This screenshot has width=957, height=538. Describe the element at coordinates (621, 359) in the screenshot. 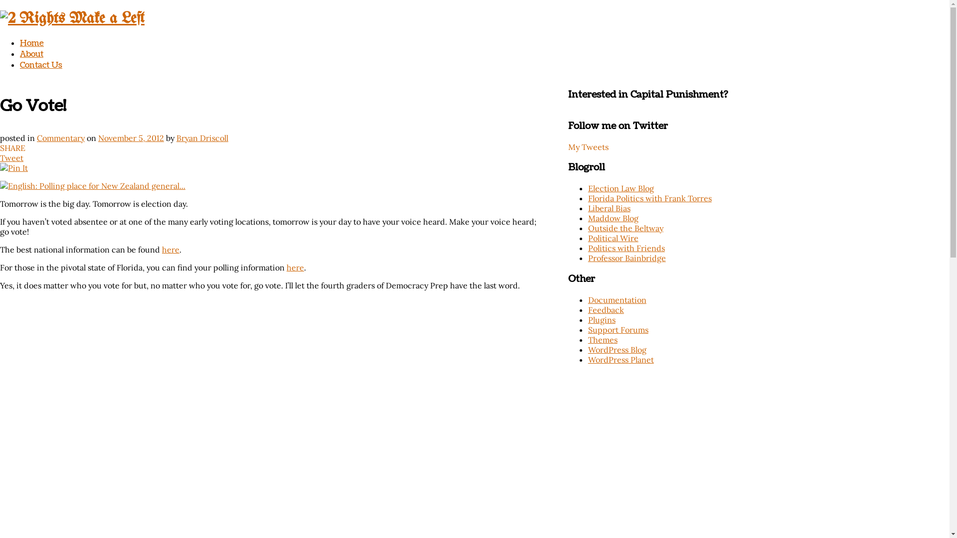

I see `'WordPress Planet'` at that location.